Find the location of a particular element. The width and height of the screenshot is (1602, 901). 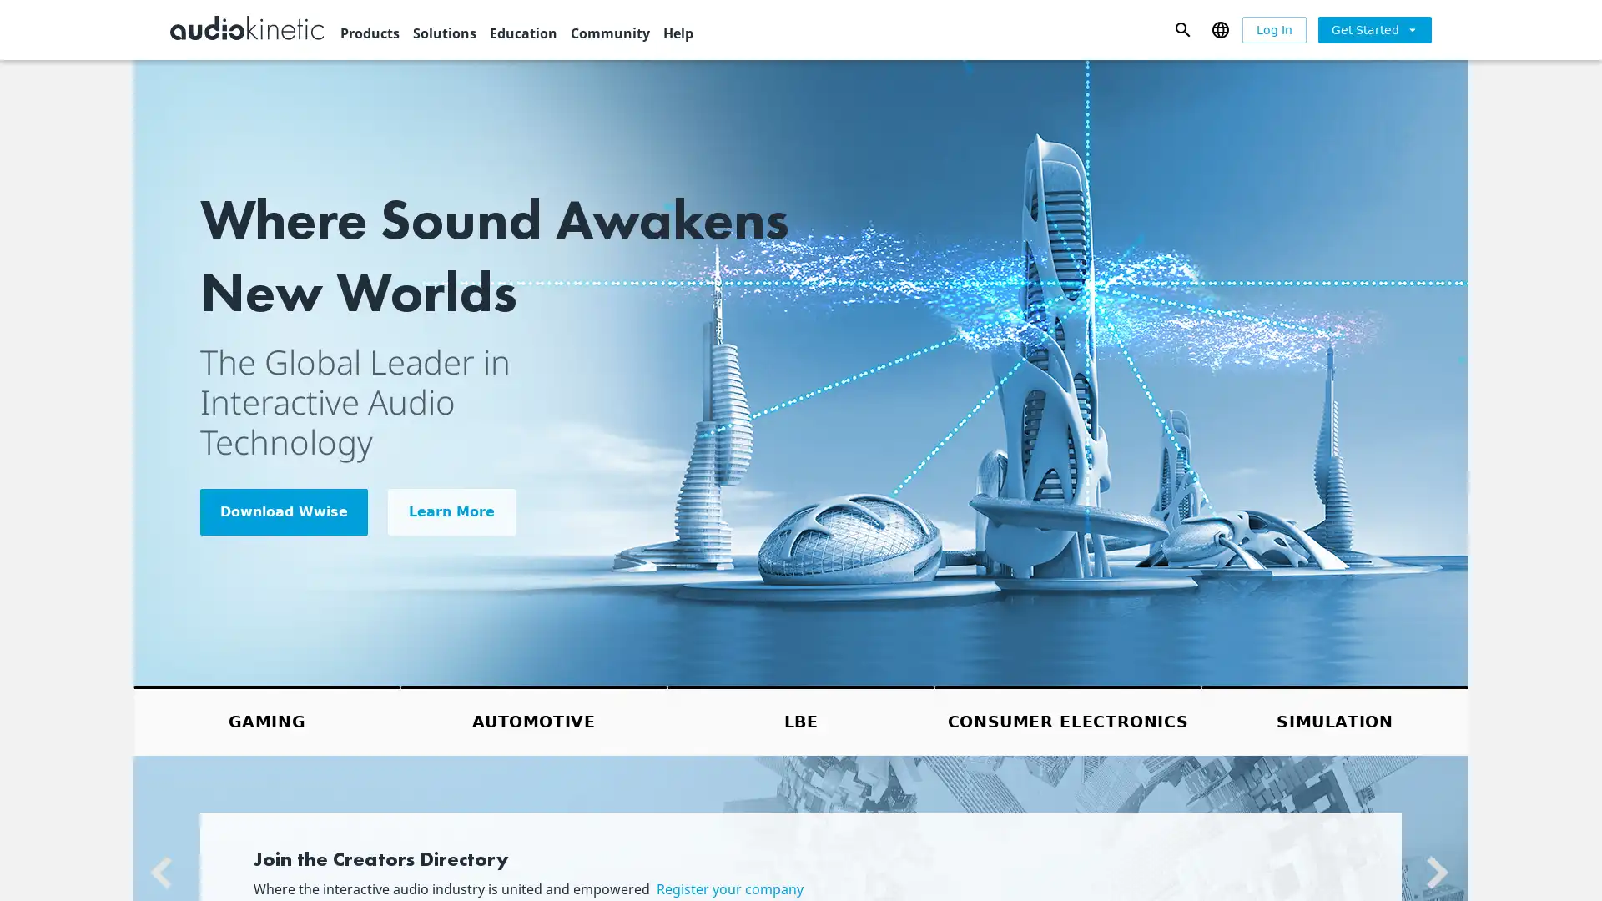

language is located at coordinates (1220, 28).